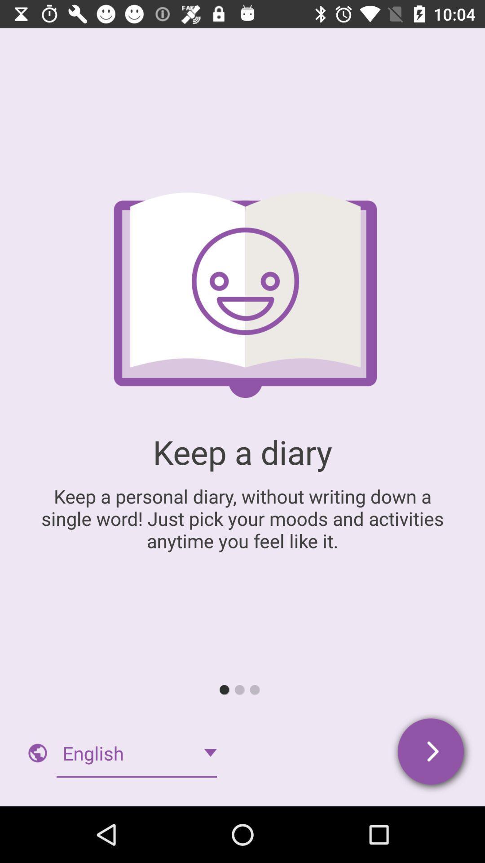 The height and width of the screenshot is (863, 485). I want to click on diary, so click(431, 753).